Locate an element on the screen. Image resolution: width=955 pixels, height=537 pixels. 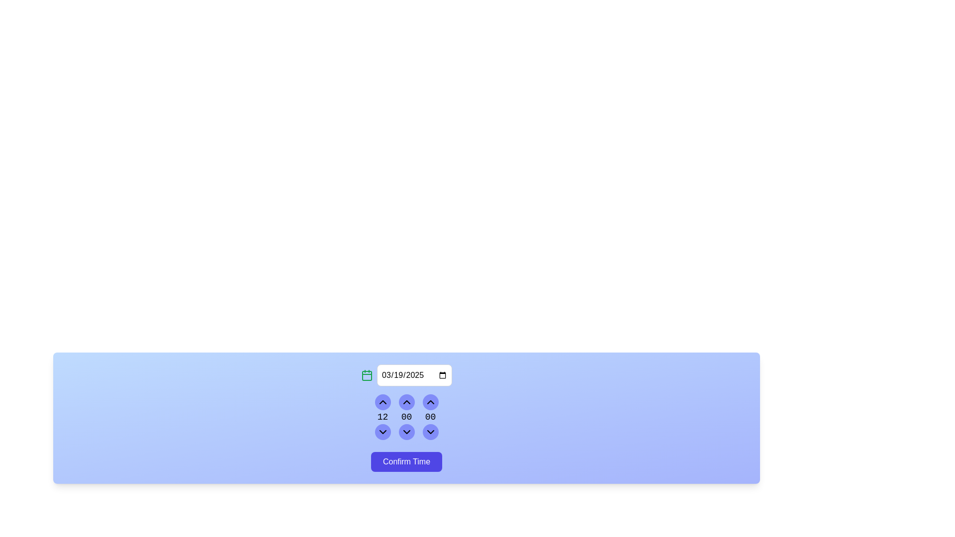
the circular indigo button with a downward chevron icon, positioned below the '00' text in the second column of the time selector interface, to observe the hover effect is located at coordinates (406, 431).